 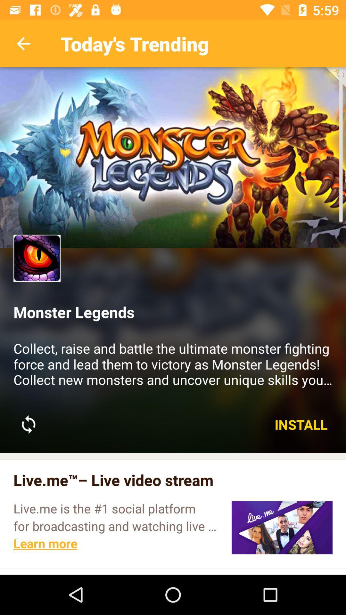 I want to click on go back, so click(x=23, y=43).